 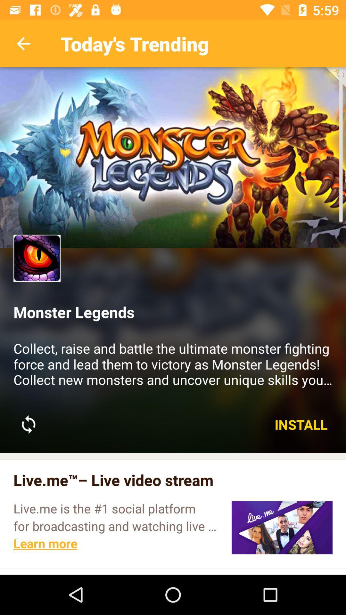 I want to click on go back, so click(x=23, y=43).